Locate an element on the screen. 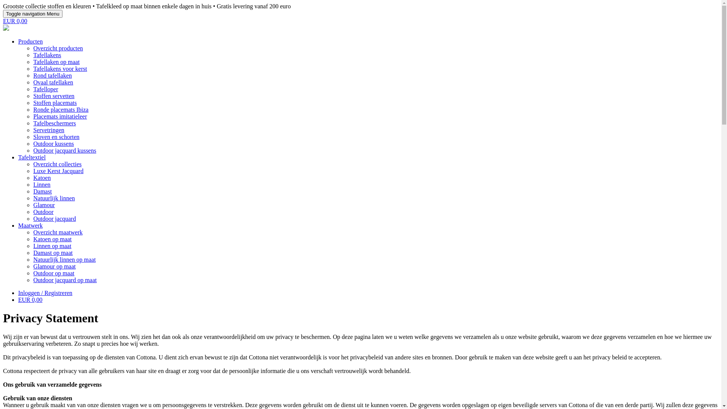 The height and width of the screenshot is (409, 727). 'Outdoor jacquard' is located at coordinates (54, 219).